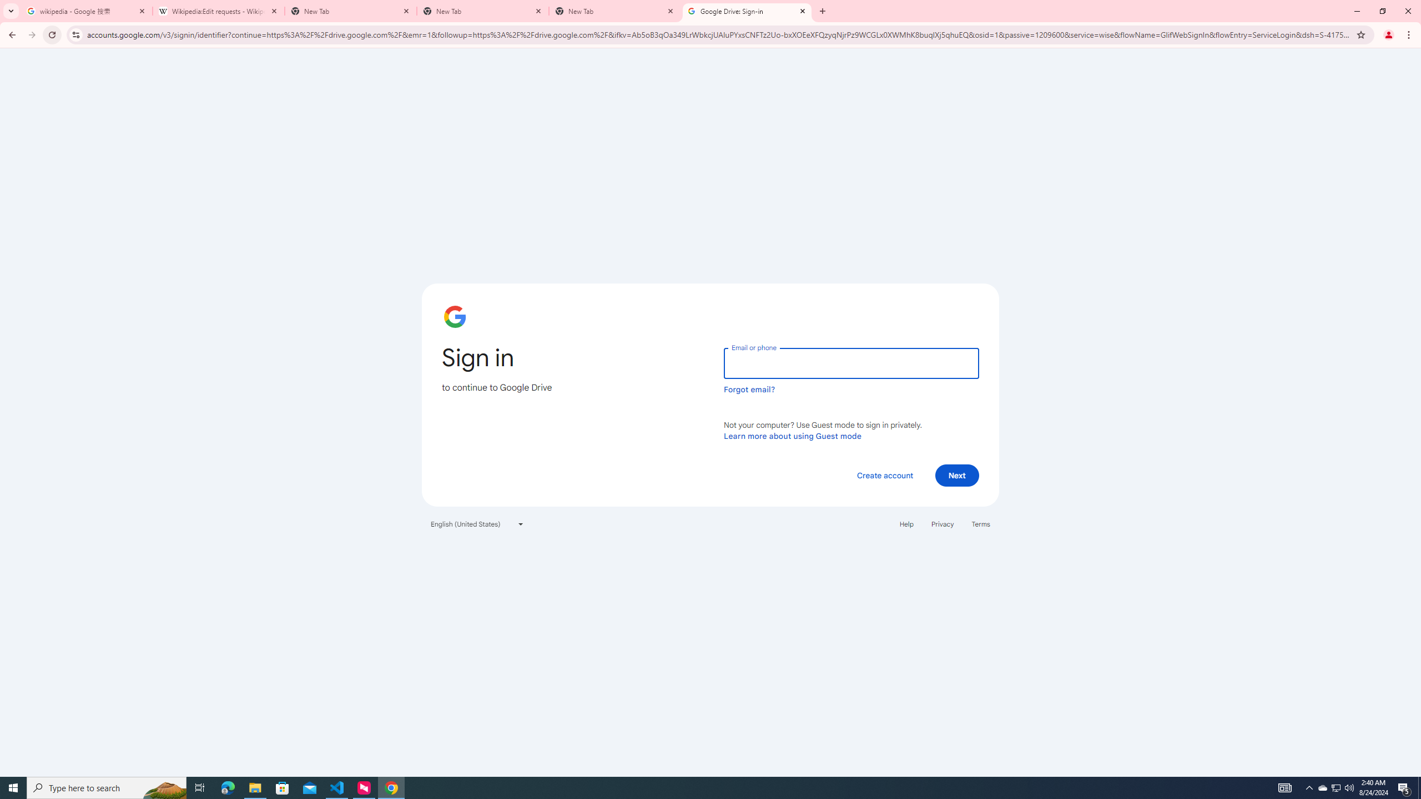 The image size is (1421, 799). I want to click on 'New Tab', so click(615, 11).